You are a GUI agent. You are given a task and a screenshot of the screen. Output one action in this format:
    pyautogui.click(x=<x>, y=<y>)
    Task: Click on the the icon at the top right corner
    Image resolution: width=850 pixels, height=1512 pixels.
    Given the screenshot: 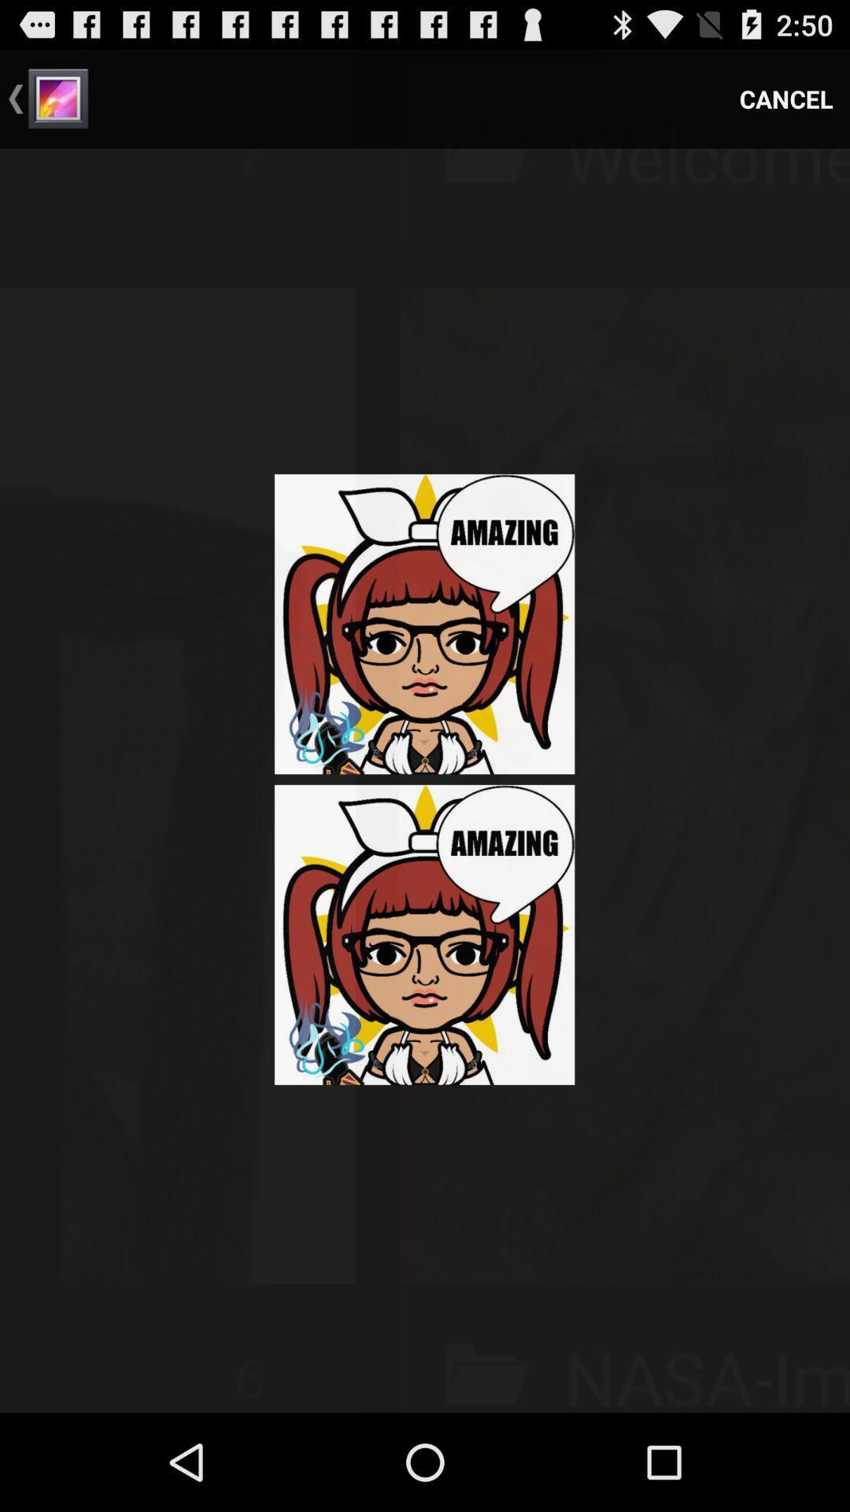 What is the action you would take?
    pyautogui.click(x=786, y=98)
    